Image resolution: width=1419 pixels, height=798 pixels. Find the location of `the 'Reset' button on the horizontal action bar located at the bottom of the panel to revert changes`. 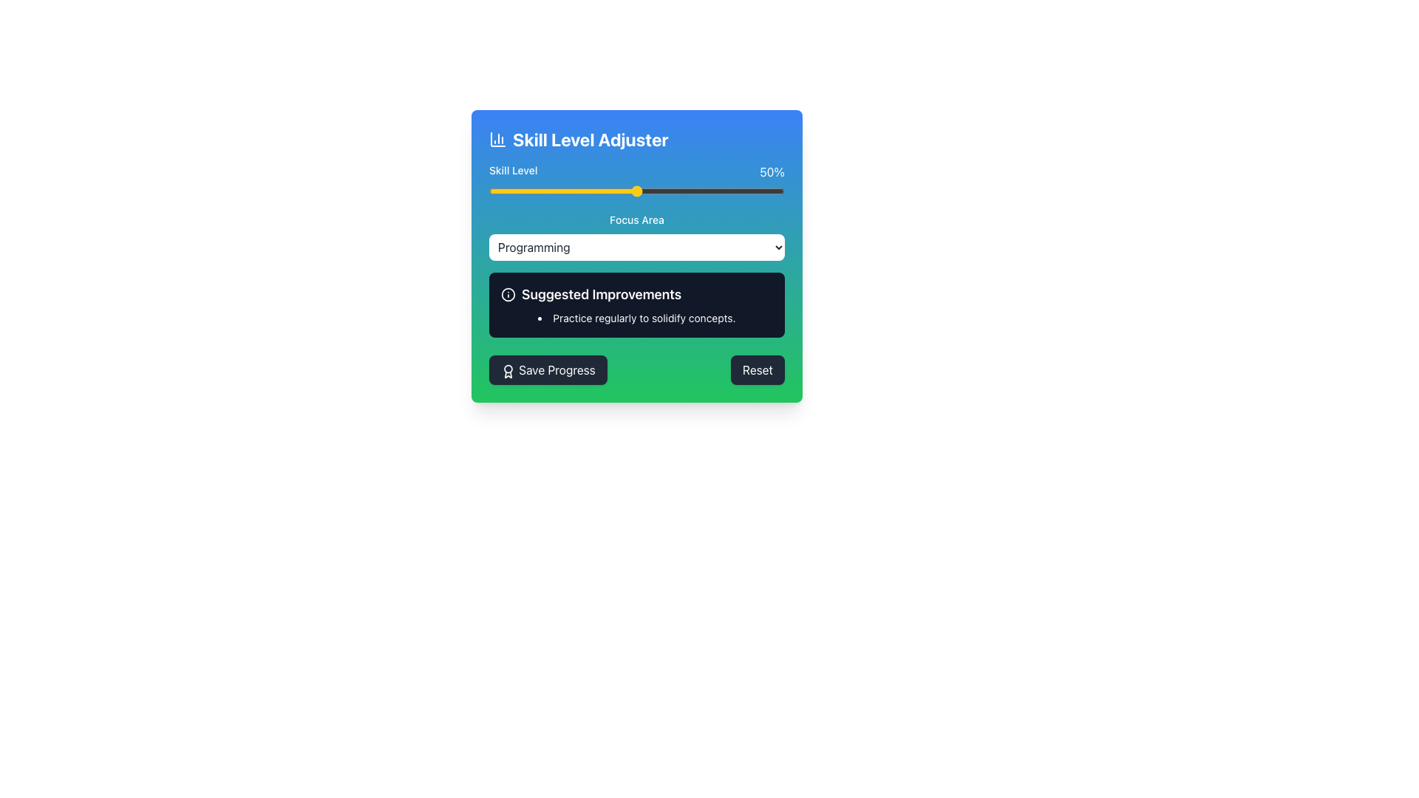

the 'Reset' button on the horizontal action bar located at the bottom of the panel to revert changes is located at coordinates (637, 369).